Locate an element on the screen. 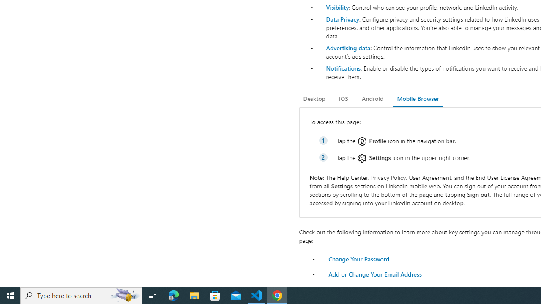 This screenshot has width=541, height=304. 'Change Your Password' is located at coordinates (359, 258).